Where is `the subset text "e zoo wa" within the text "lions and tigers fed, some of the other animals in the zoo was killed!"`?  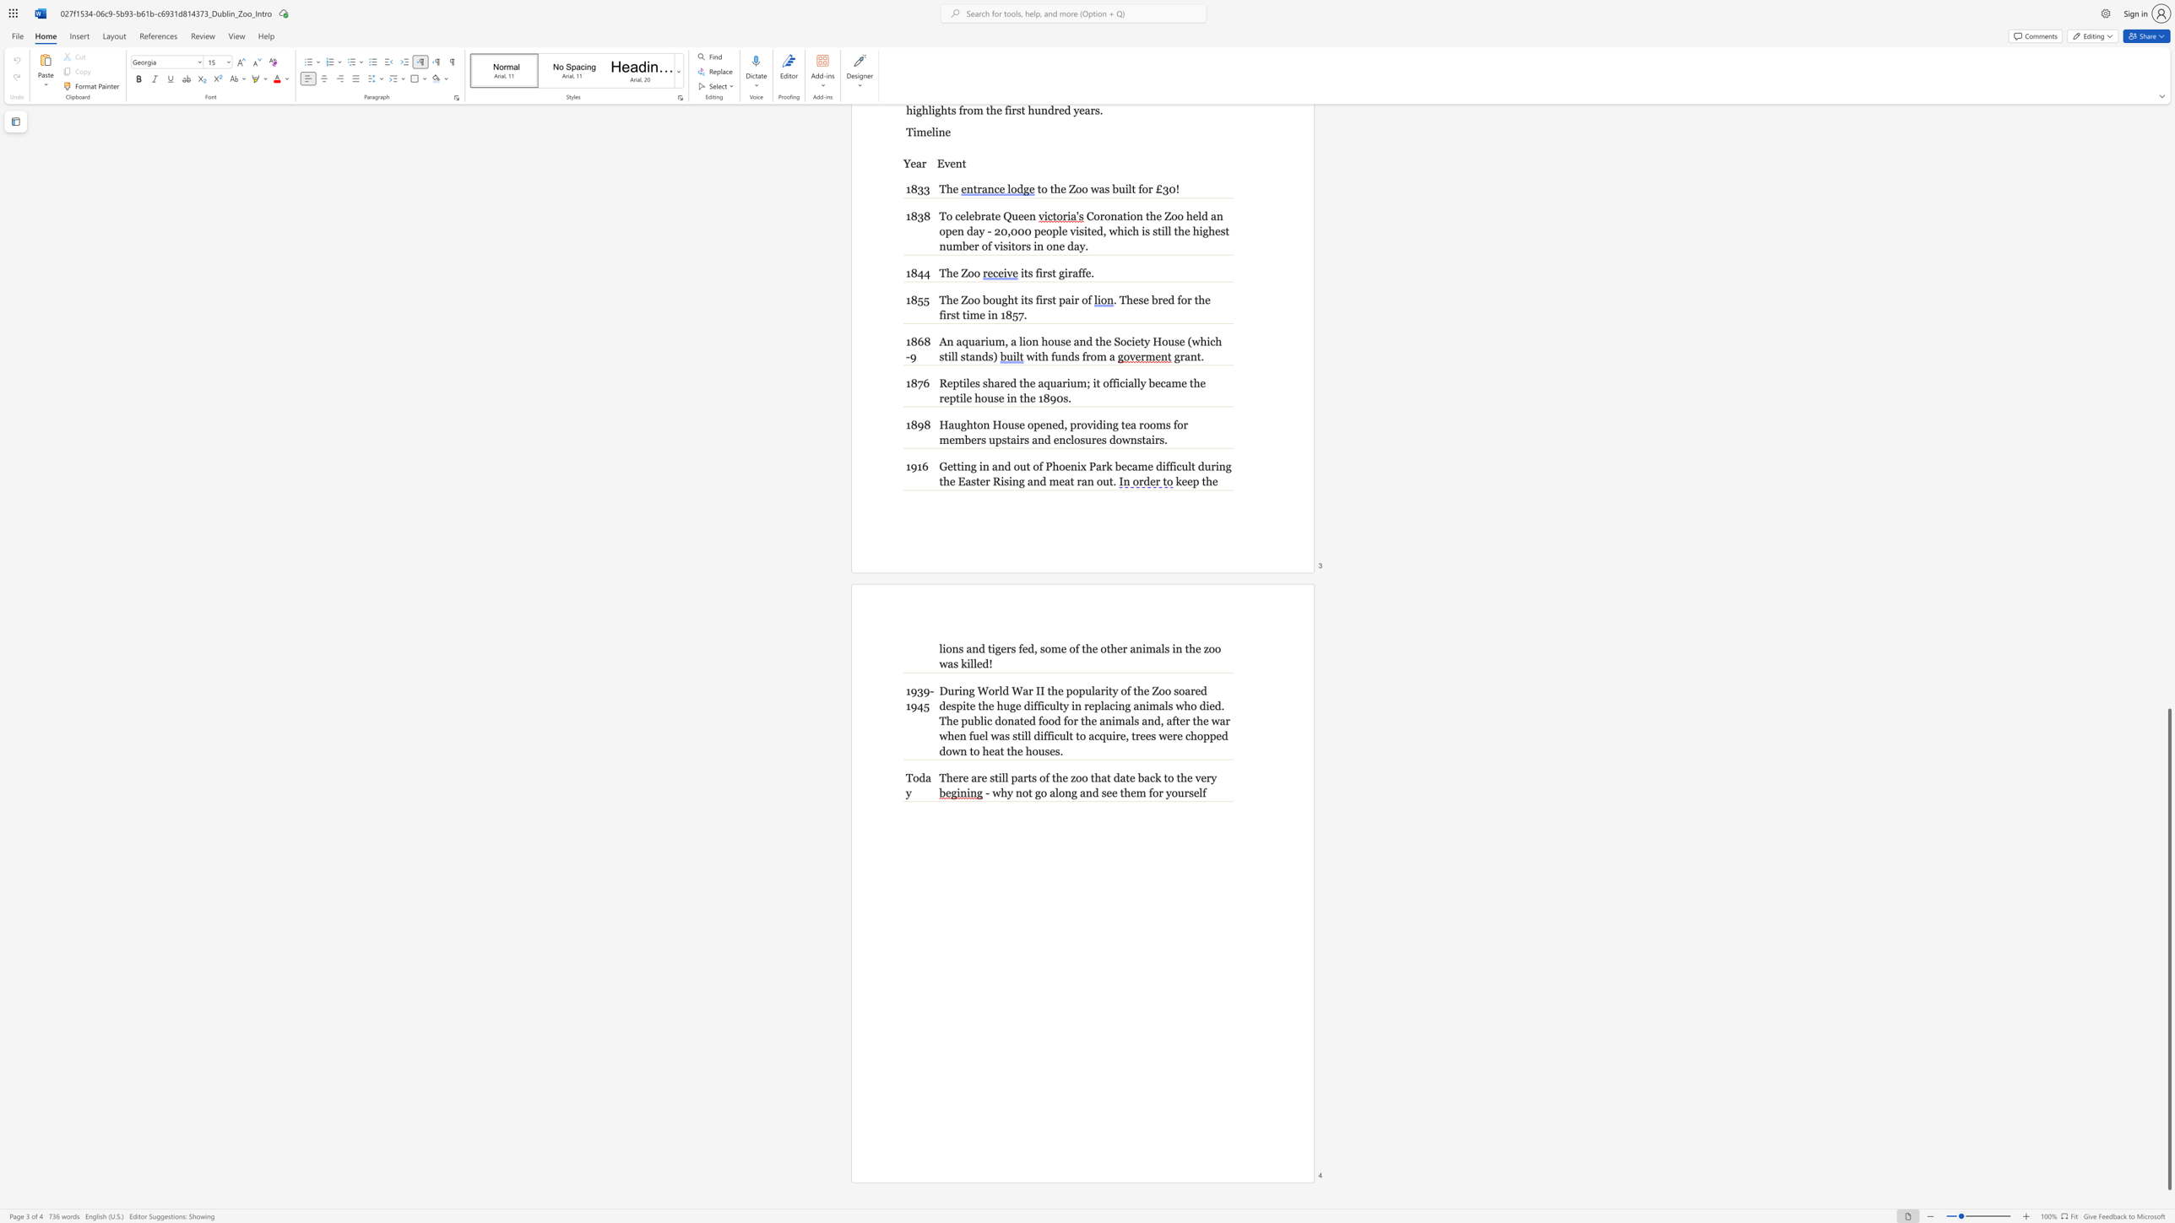
the subset text "e zoo wa" within the text "lions and tigers fed, some of the other animals in the zoo was killed!" is located at coordinates (1195, 648).